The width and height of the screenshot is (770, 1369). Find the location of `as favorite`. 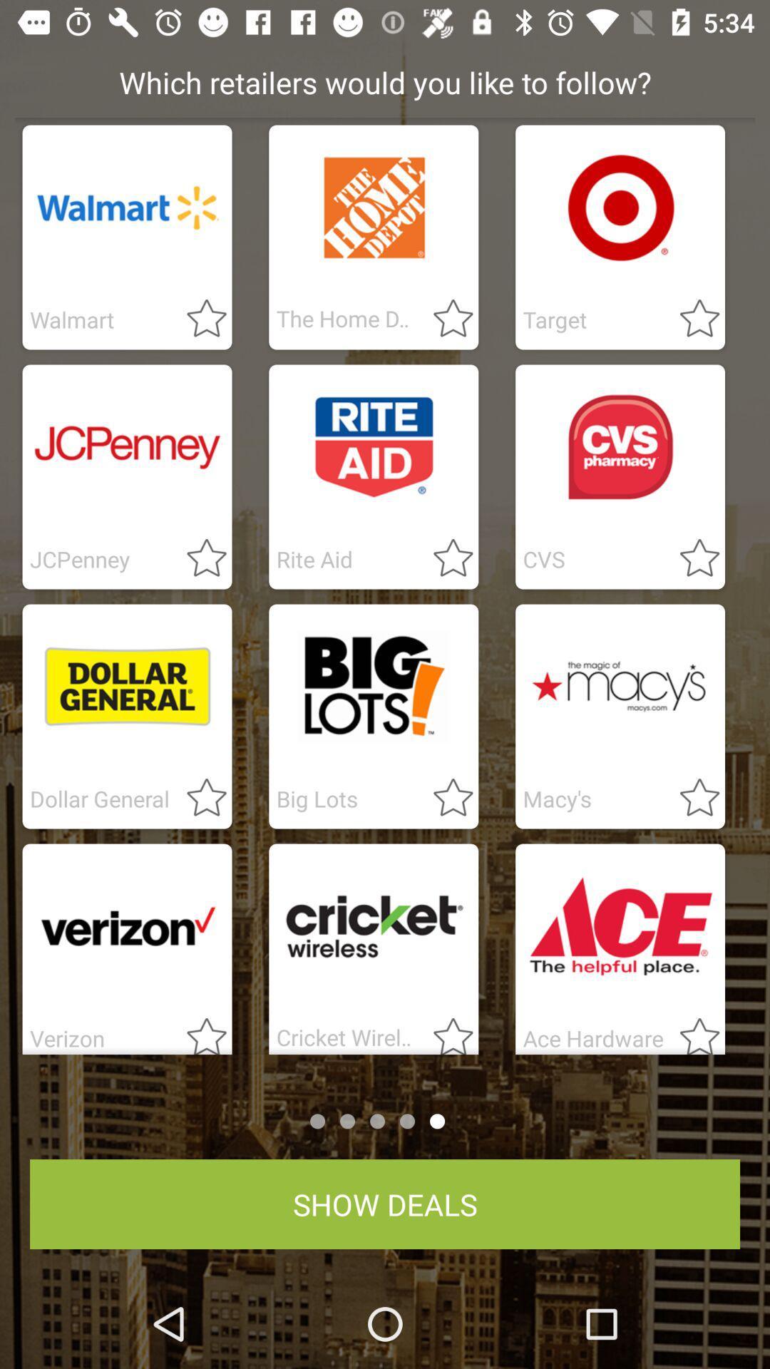

as favorite is located at coordinates (198, 1031).